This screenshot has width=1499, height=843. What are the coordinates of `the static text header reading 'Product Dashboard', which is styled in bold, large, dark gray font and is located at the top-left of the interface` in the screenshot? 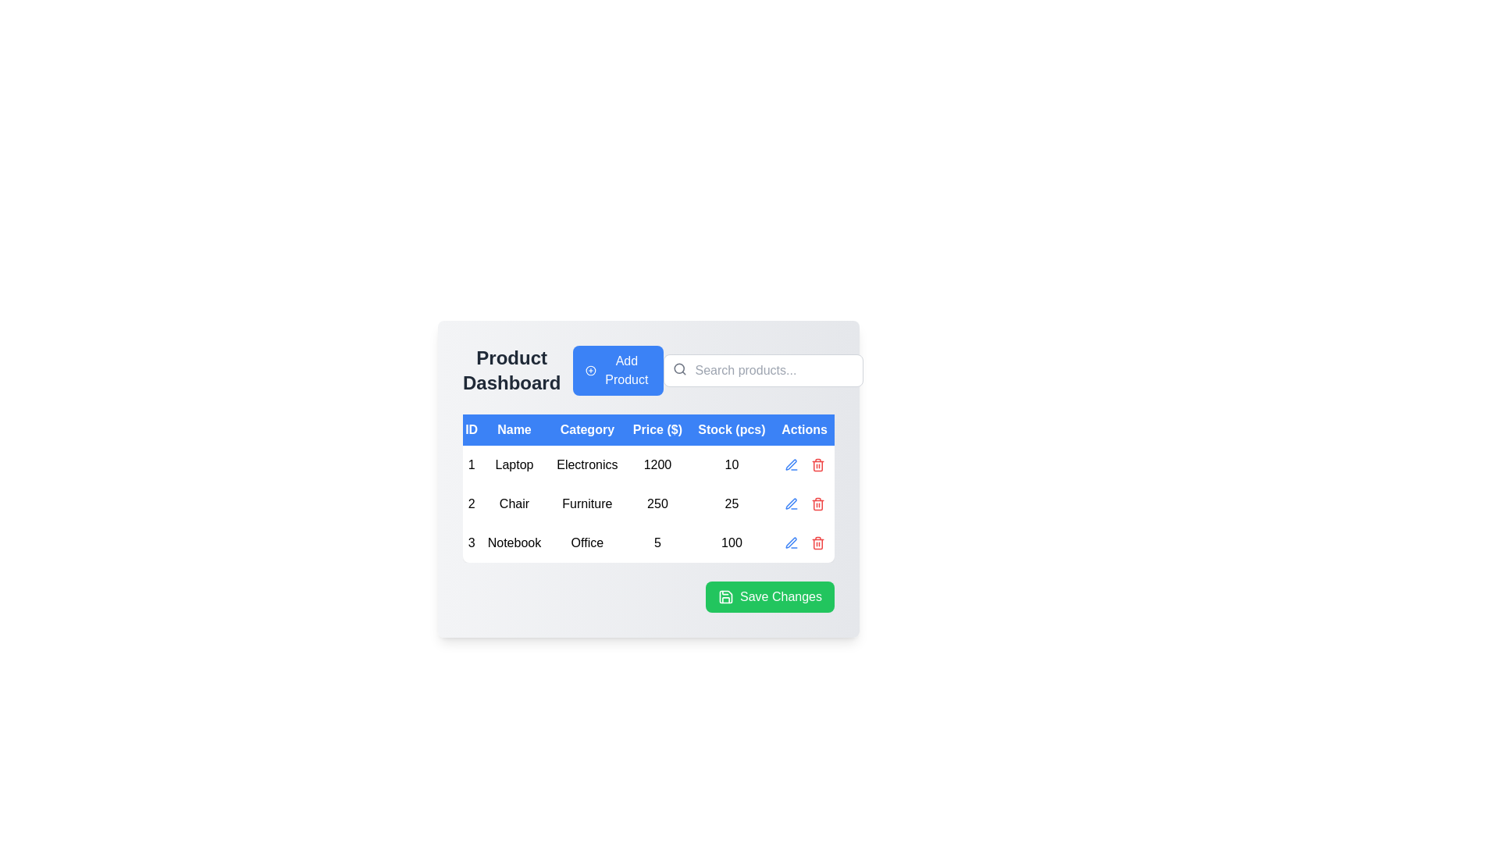 It's located at (511, 370).